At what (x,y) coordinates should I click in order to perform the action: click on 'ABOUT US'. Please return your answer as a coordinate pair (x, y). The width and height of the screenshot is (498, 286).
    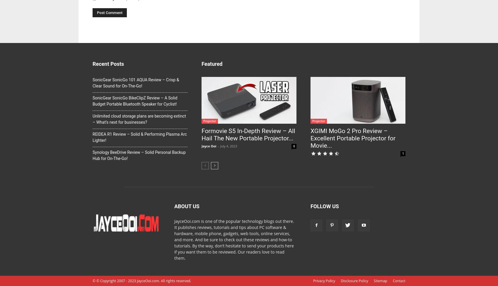
    Looking at the image, I should click on (186, 206).